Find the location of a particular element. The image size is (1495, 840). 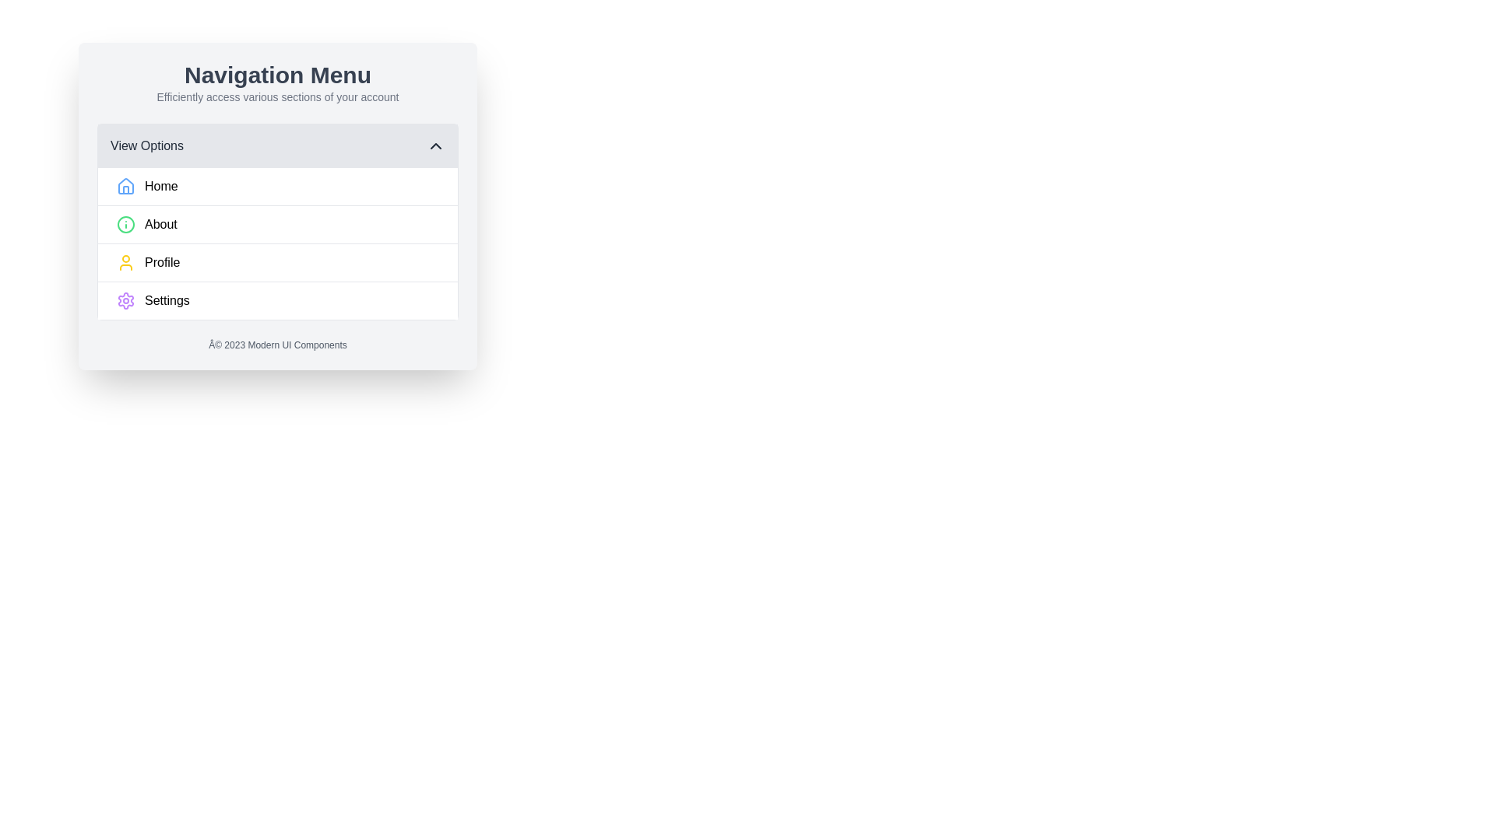

the circular icon with a green outline, containing a vertical line and a small circle above it, located in the second row of the navigation menu, to the left of the text 'About' is located at coordinates (126, 225).